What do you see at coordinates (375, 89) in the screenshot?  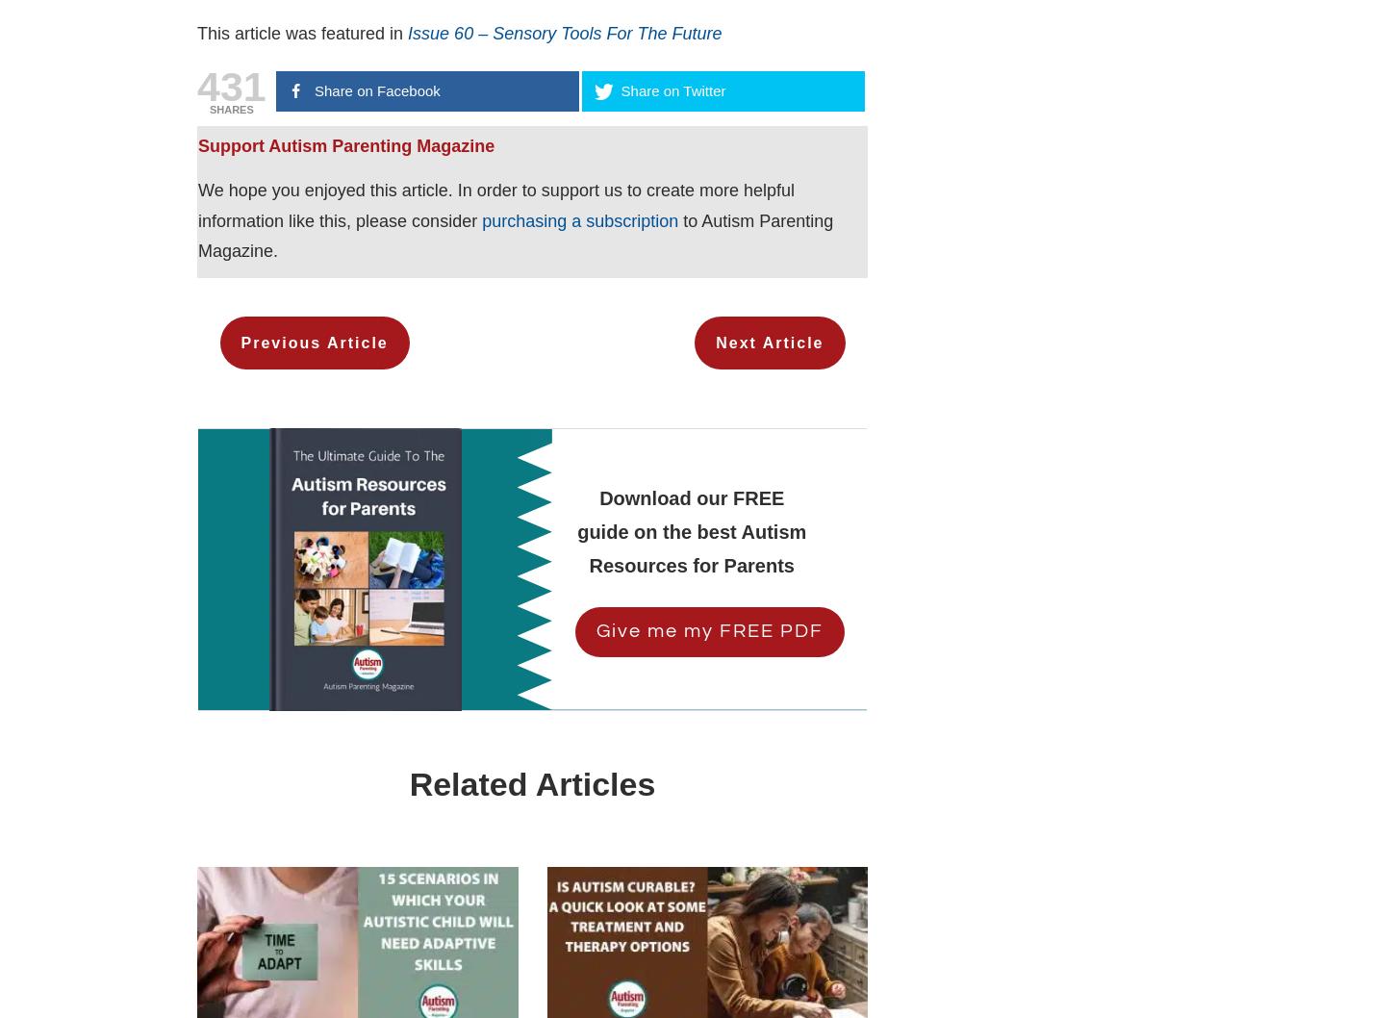 I see `'Share on Facebook'` at bounding box center [375, 89].